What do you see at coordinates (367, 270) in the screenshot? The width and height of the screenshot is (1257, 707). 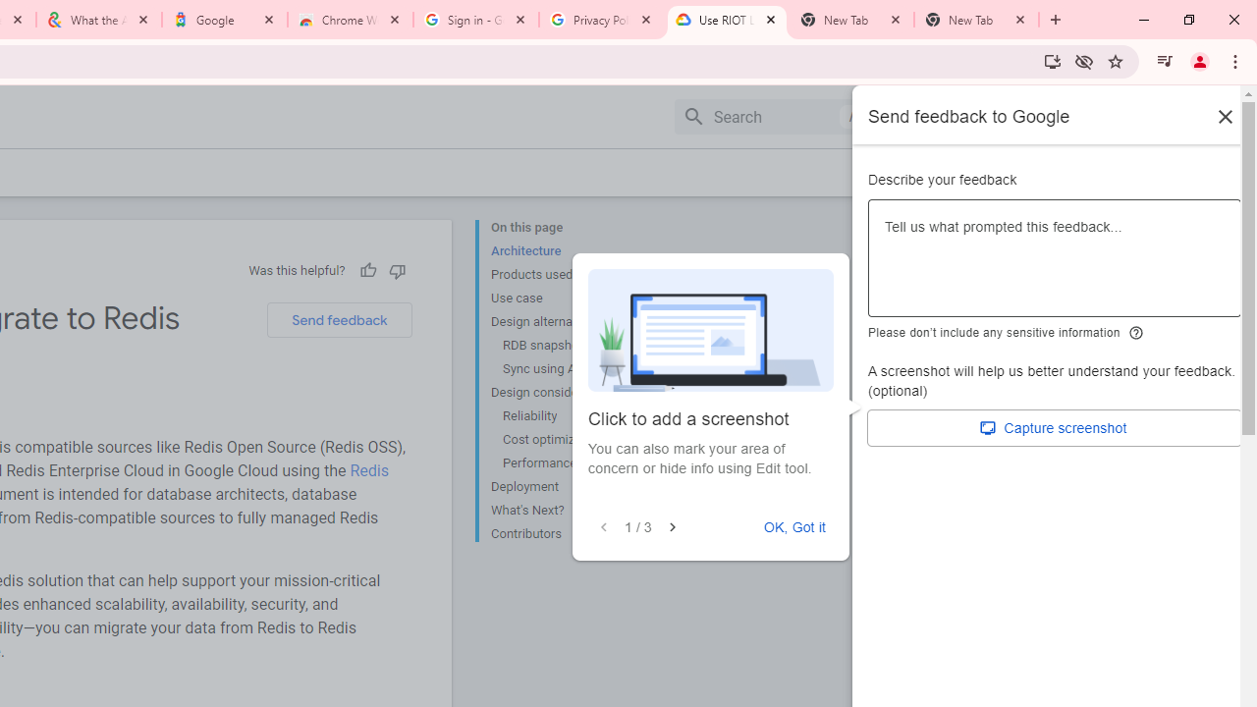 I see `'Helpful'` at bounding box center [367, 270].